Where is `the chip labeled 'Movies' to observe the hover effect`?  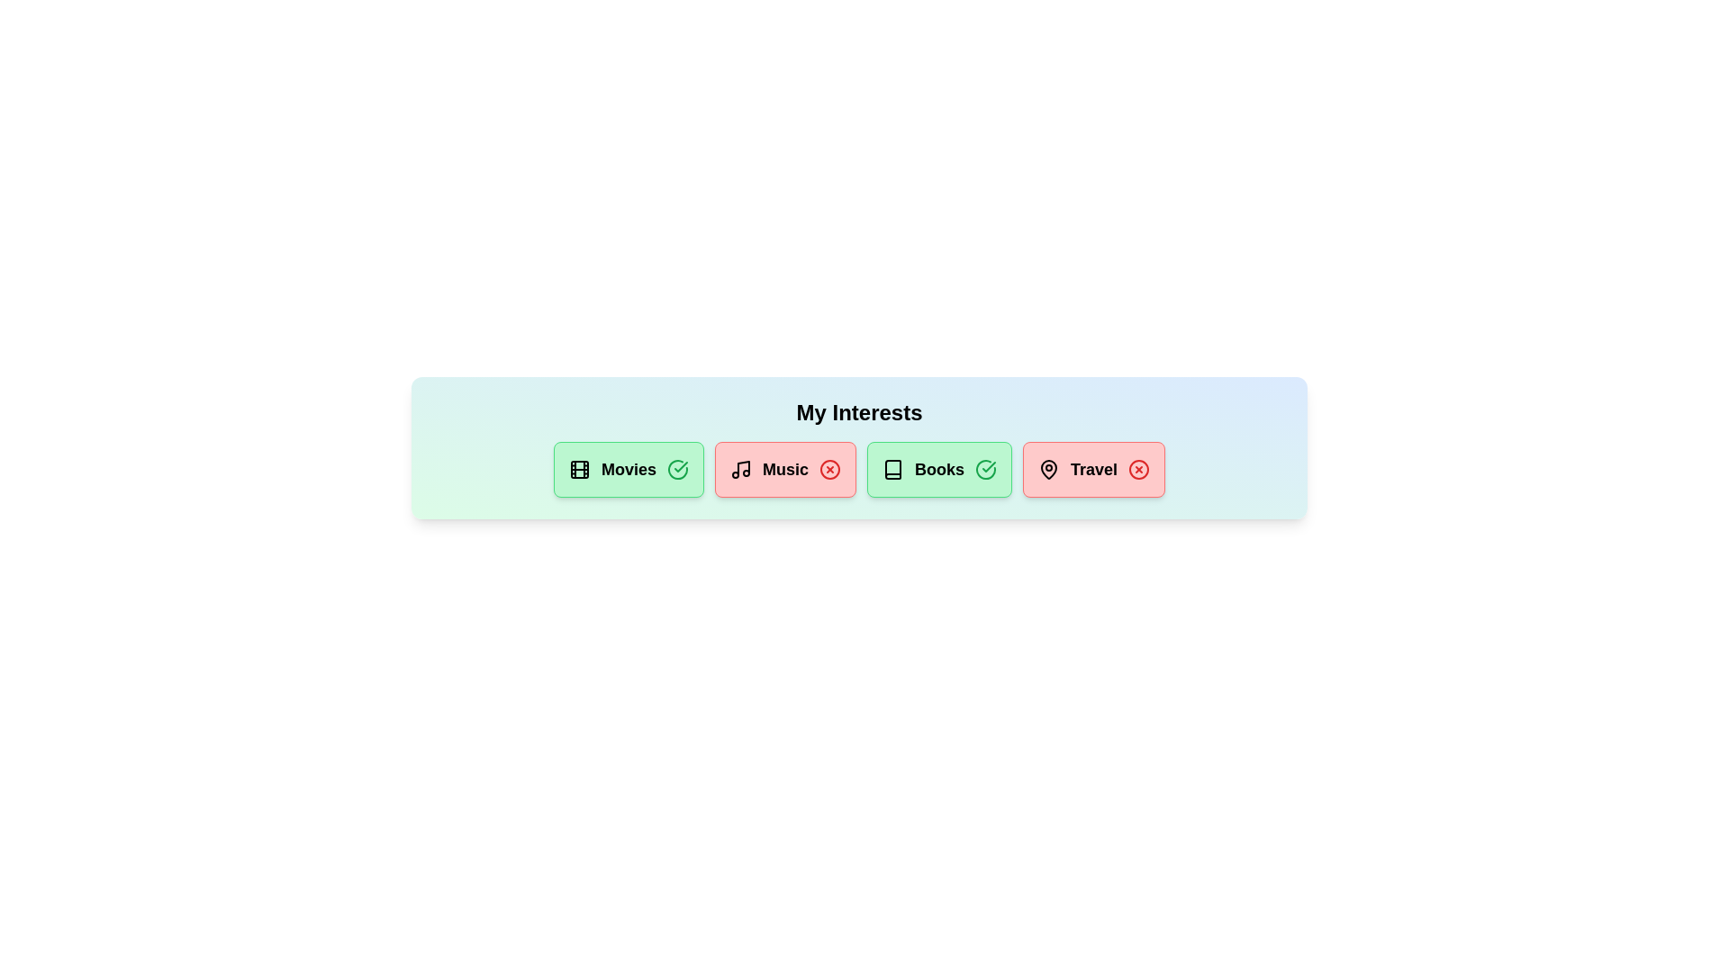
the chip labeled 'Movies' to observe the hover effect is located at coordinates (629, 468).